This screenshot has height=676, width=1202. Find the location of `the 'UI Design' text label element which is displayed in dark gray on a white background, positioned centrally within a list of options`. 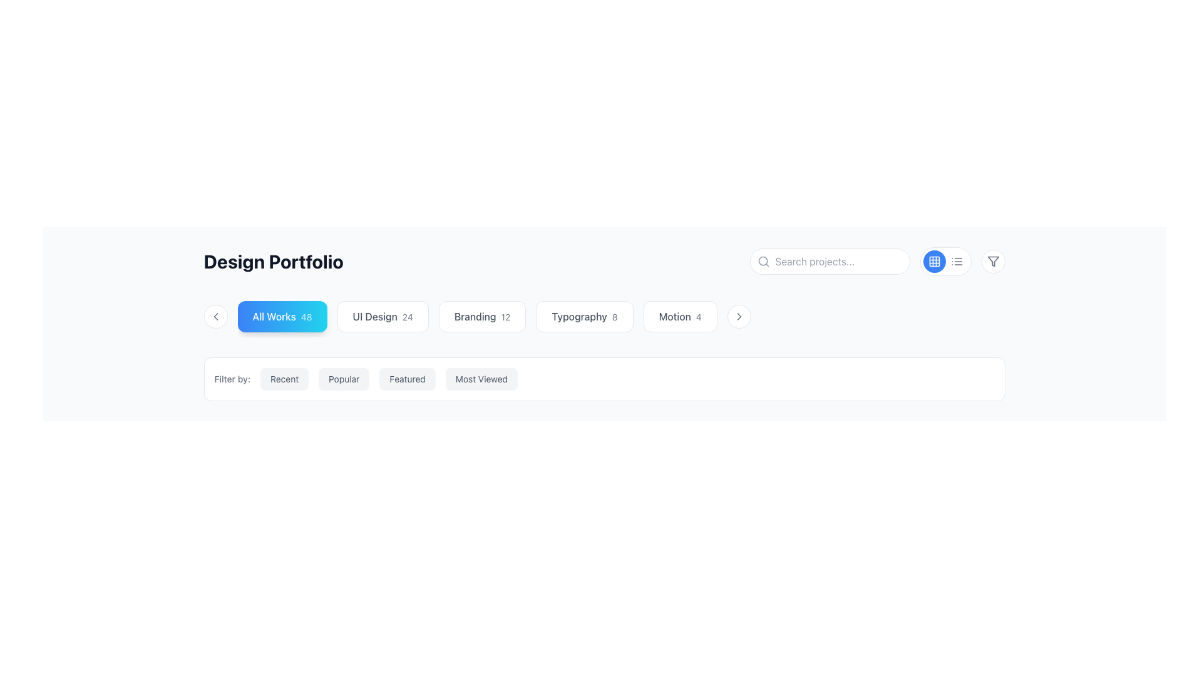

the 'UI Design' text label element which is displayed in dark gray on a white background, positioned centrally within a list of options is located at coordinates (374, 315).